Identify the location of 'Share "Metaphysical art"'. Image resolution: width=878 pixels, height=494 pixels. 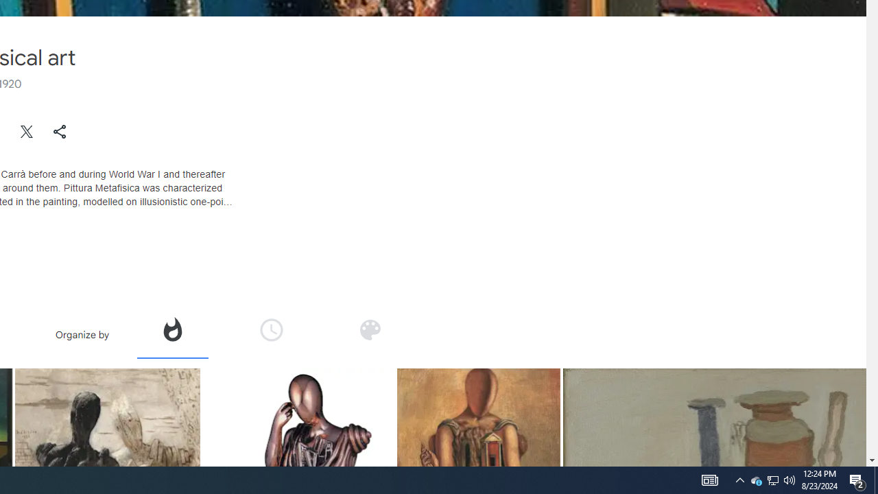
(59, 131).